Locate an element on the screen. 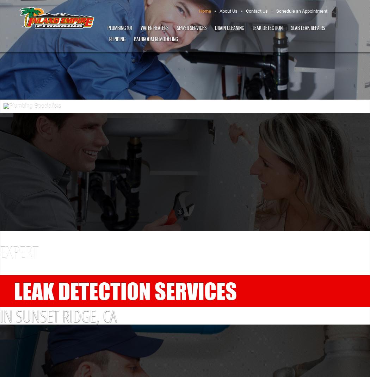 The width and height of the screenshot is (370, 377). 'Home' is located at coordinates (205, 11).